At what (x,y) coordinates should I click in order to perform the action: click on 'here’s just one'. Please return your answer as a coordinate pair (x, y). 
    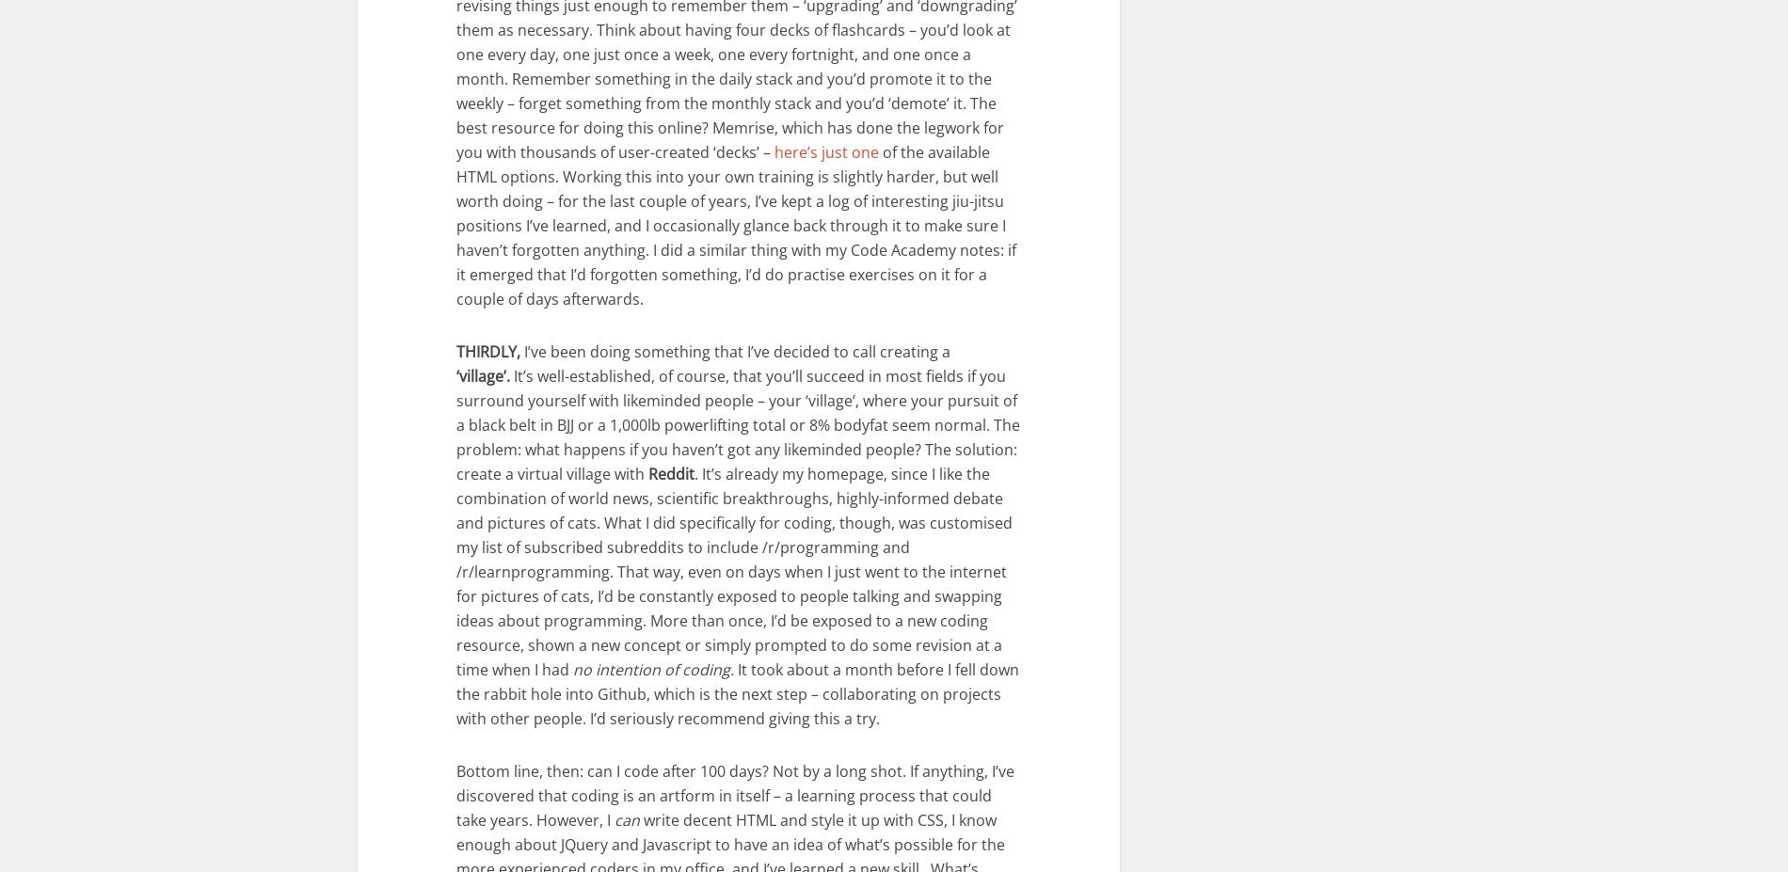
    Looking at the image, I should click on (774, 151).